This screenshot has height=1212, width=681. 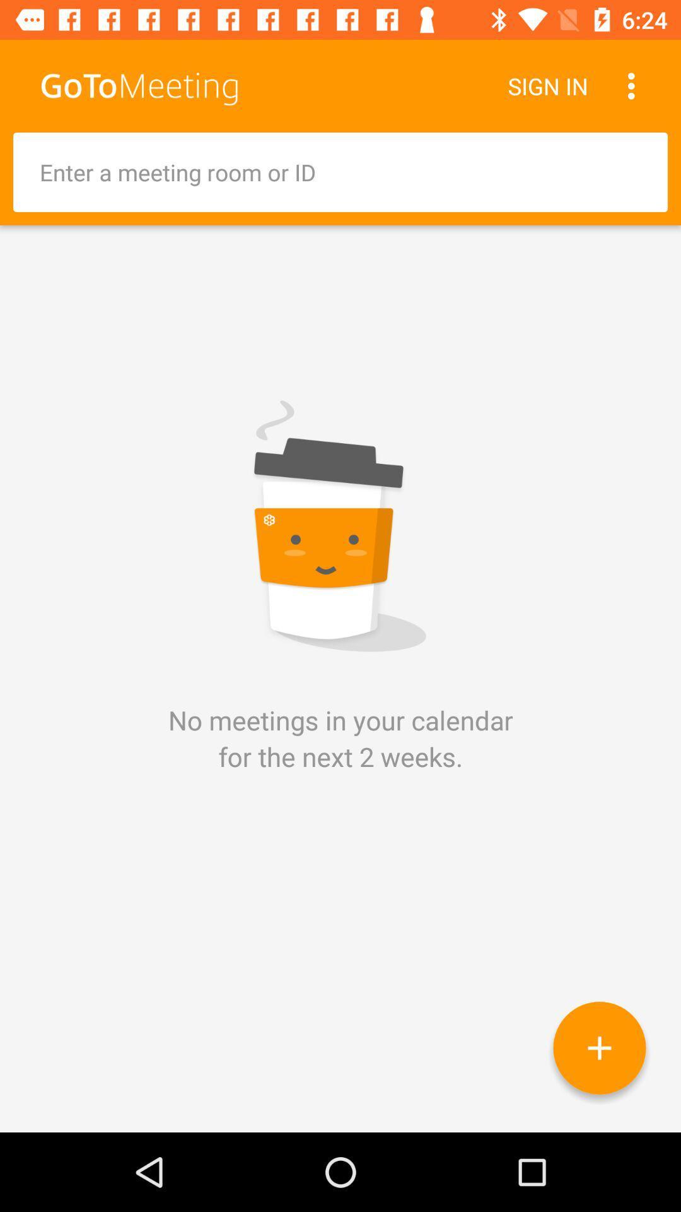 What do you see at coordinates (599, 1048) in the screenshot?
I see `a meeting` at bounding box center [599, 1048].